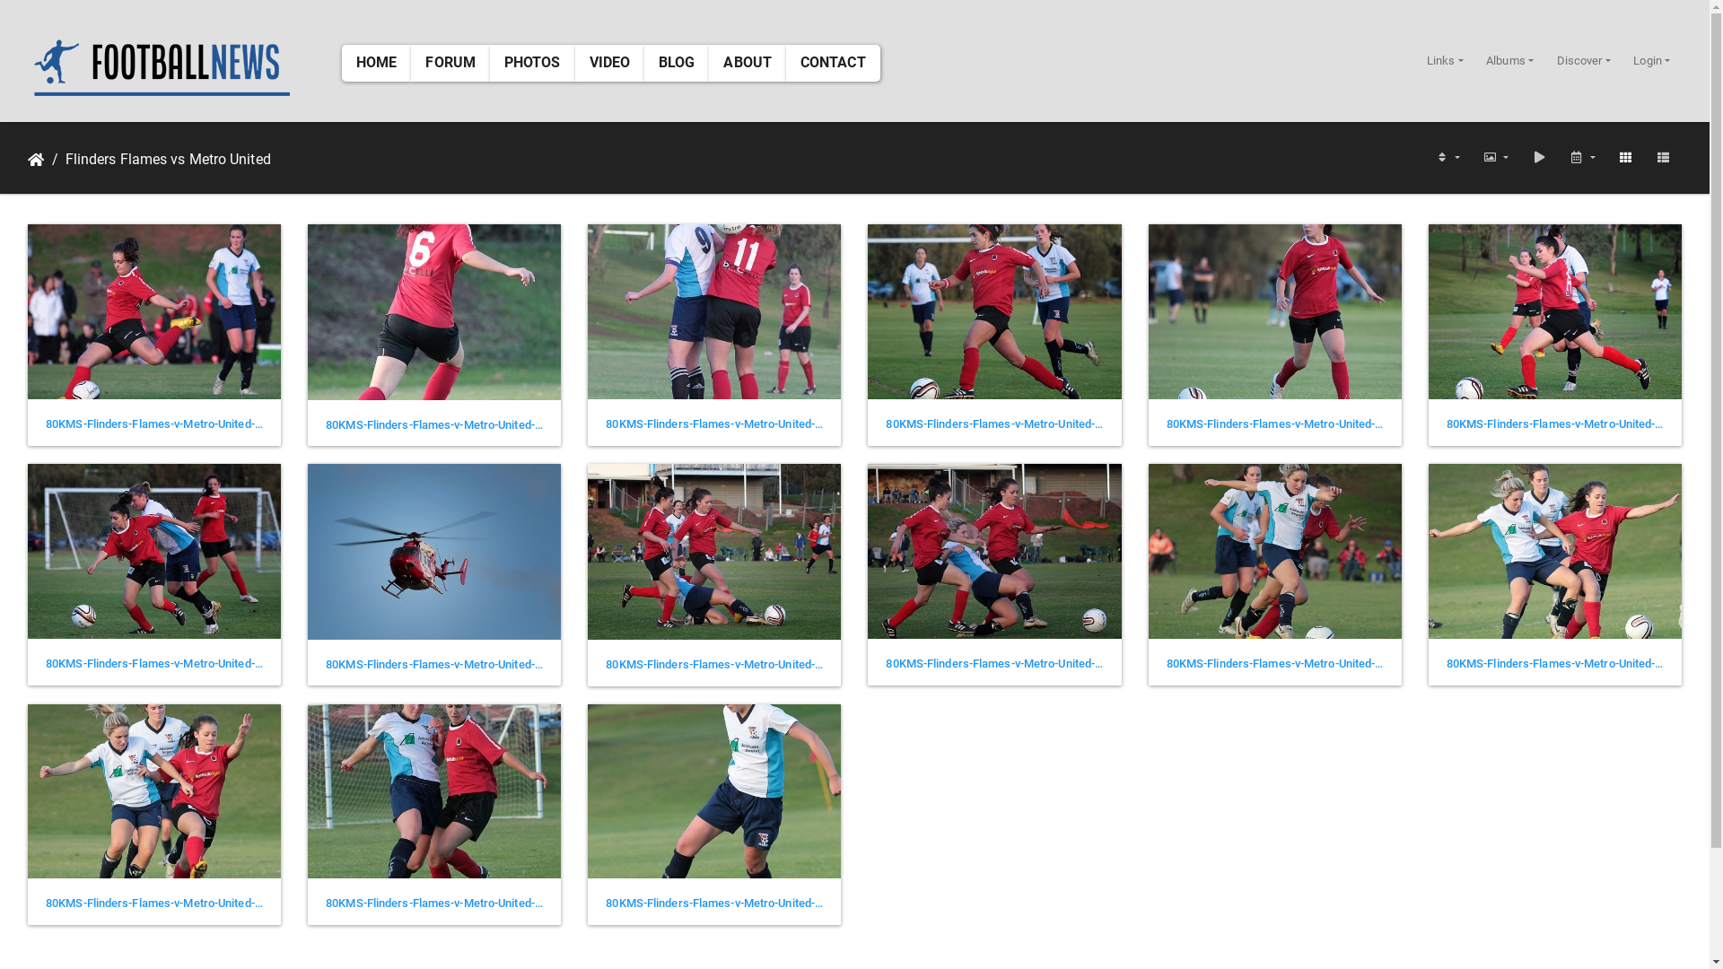  What do you see at coordinates (1444, 60) in the screenshot?
I see `'Links'` at bounding box center [1444, 60].